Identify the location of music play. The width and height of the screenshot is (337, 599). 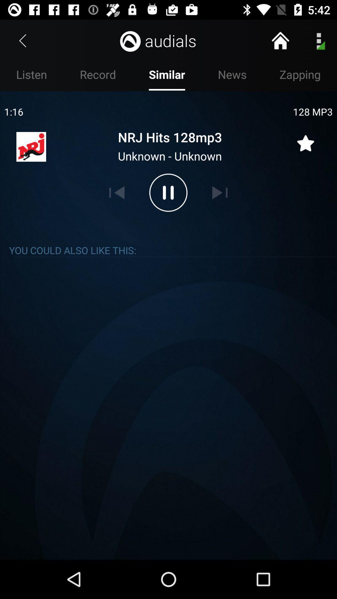
(168, 192).